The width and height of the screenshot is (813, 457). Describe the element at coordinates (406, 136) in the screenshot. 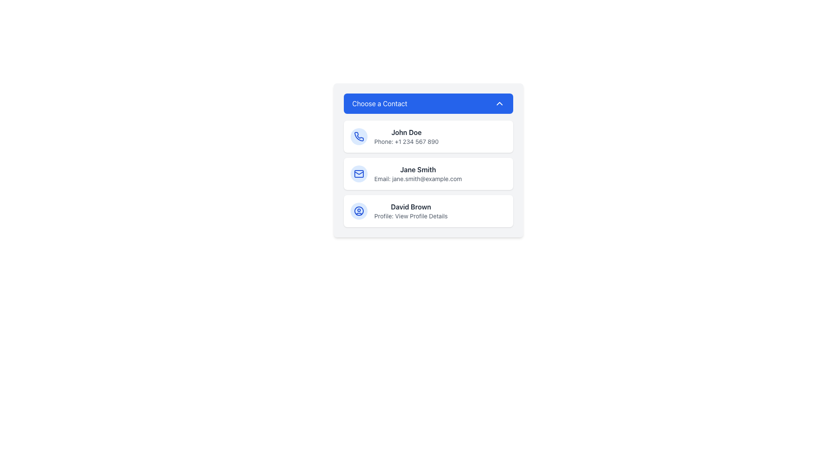

I see `contact details displayed in the first contact card below the 'Choose a Contact' header` at that location.